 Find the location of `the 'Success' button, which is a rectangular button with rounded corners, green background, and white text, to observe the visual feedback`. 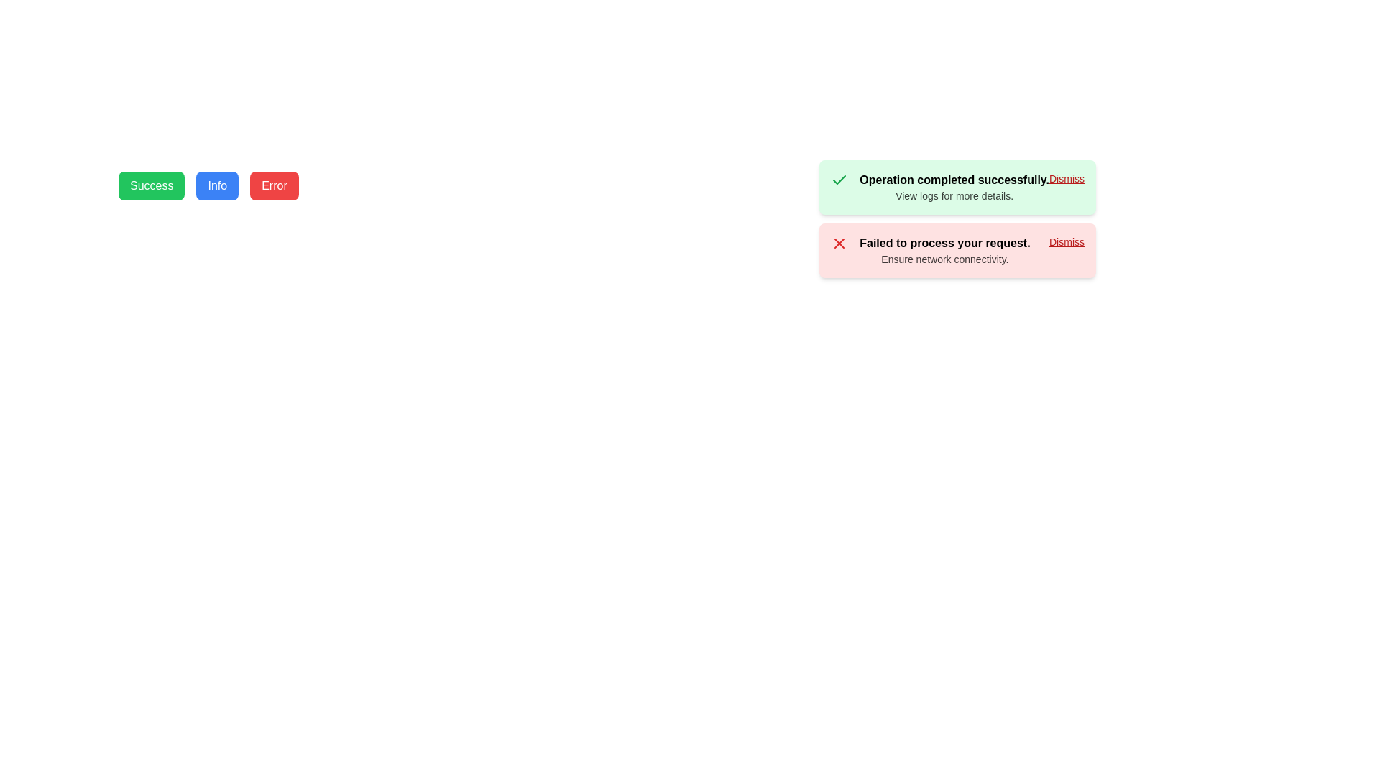

the 'Success' button, which is a rectangular button with rounded corners, green background, and white text, to observe the visual feedback is located at coordinates (152, 185).